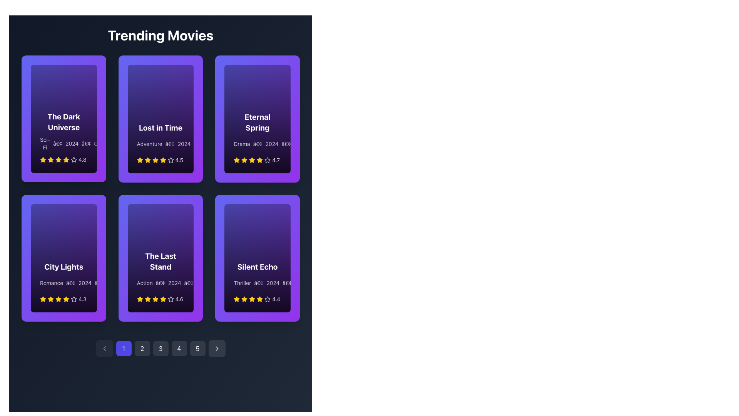 This screenshot has height=416, width=739. I want to click on the rounded square button labeled '3' with a dark semi-transparent background, so click(160, 349).